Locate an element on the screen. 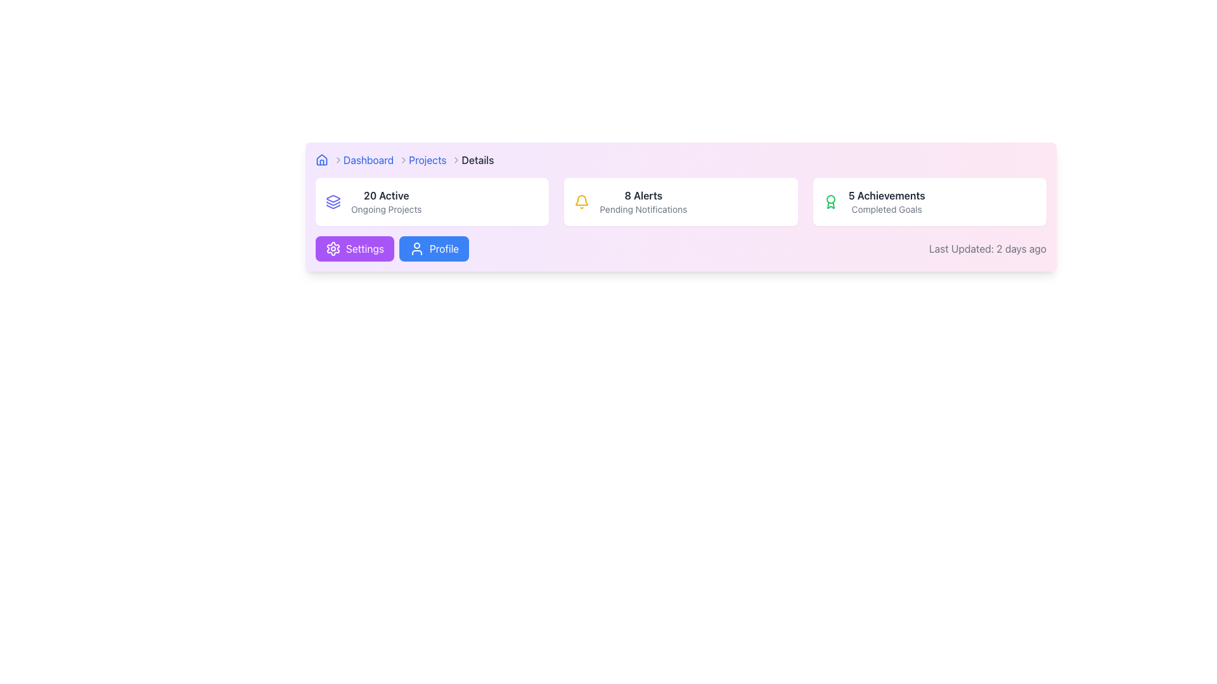 Image resolution: width=1217 pixels, height=684 pixels. the gear icon with a white outline on a purple background located to the left of the 'Settings' button at the bottom-left corner of the interaction section is located at coordinates (333, 249).